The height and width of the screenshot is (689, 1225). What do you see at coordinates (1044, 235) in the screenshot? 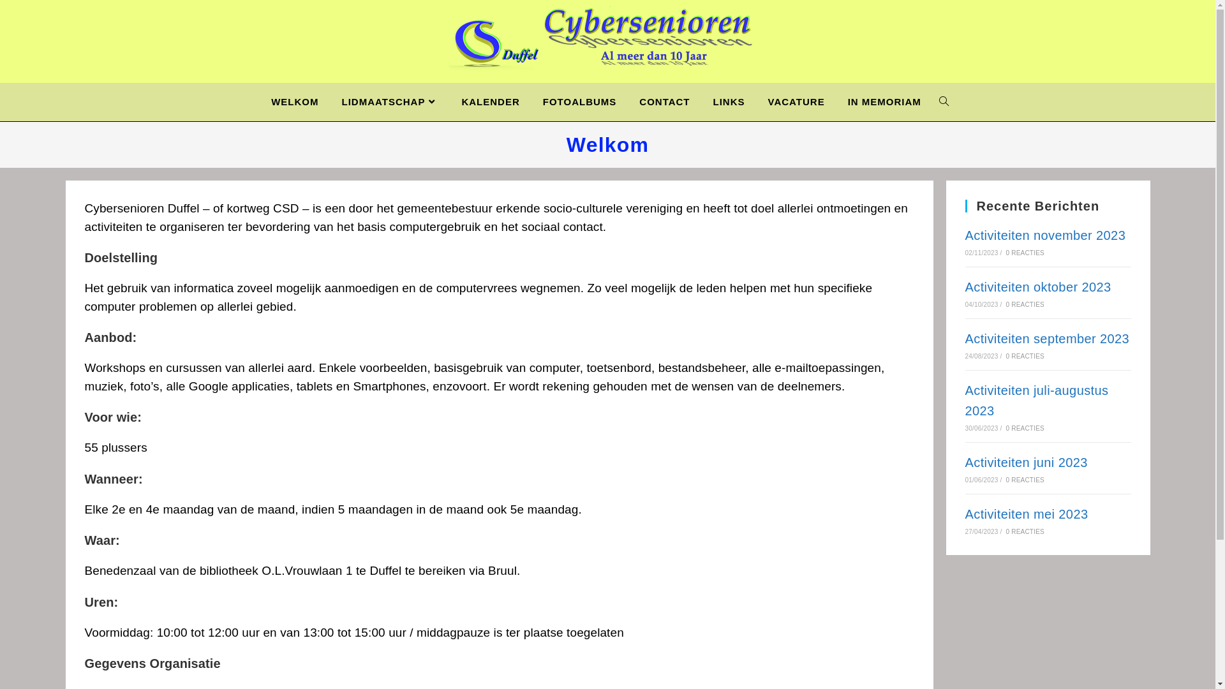
I see `'Activiteiten november 2023'` at bounding box center [1044, 235].